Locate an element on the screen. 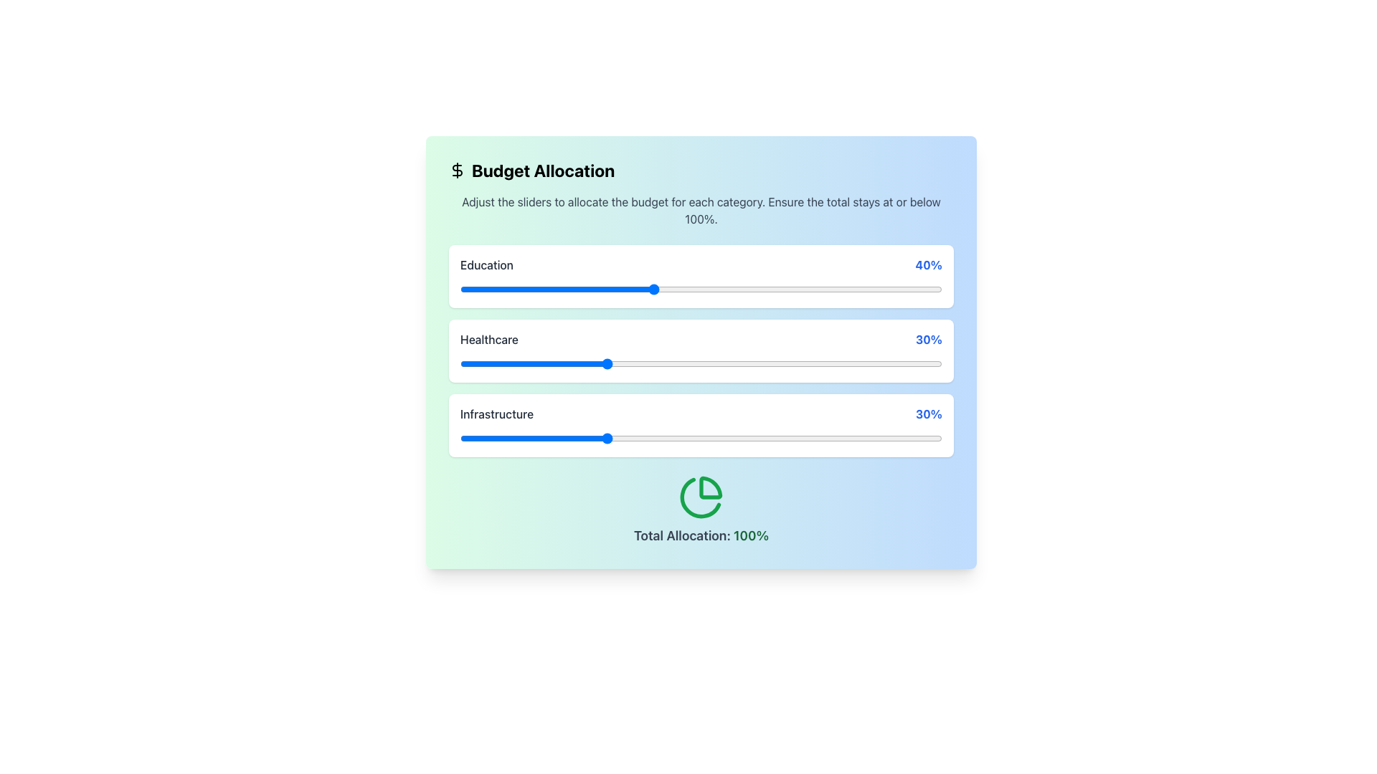  the infrastructure budget slider is located at coordinates (912, 438).